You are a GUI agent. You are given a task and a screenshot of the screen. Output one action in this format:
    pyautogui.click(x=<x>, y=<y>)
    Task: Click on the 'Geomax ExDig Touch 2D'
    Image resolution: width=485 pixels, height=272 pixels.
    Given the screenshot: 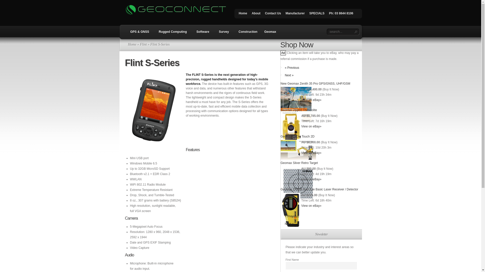 What is the action you would take?
    pyautogui.click(x=297, y=137)
    